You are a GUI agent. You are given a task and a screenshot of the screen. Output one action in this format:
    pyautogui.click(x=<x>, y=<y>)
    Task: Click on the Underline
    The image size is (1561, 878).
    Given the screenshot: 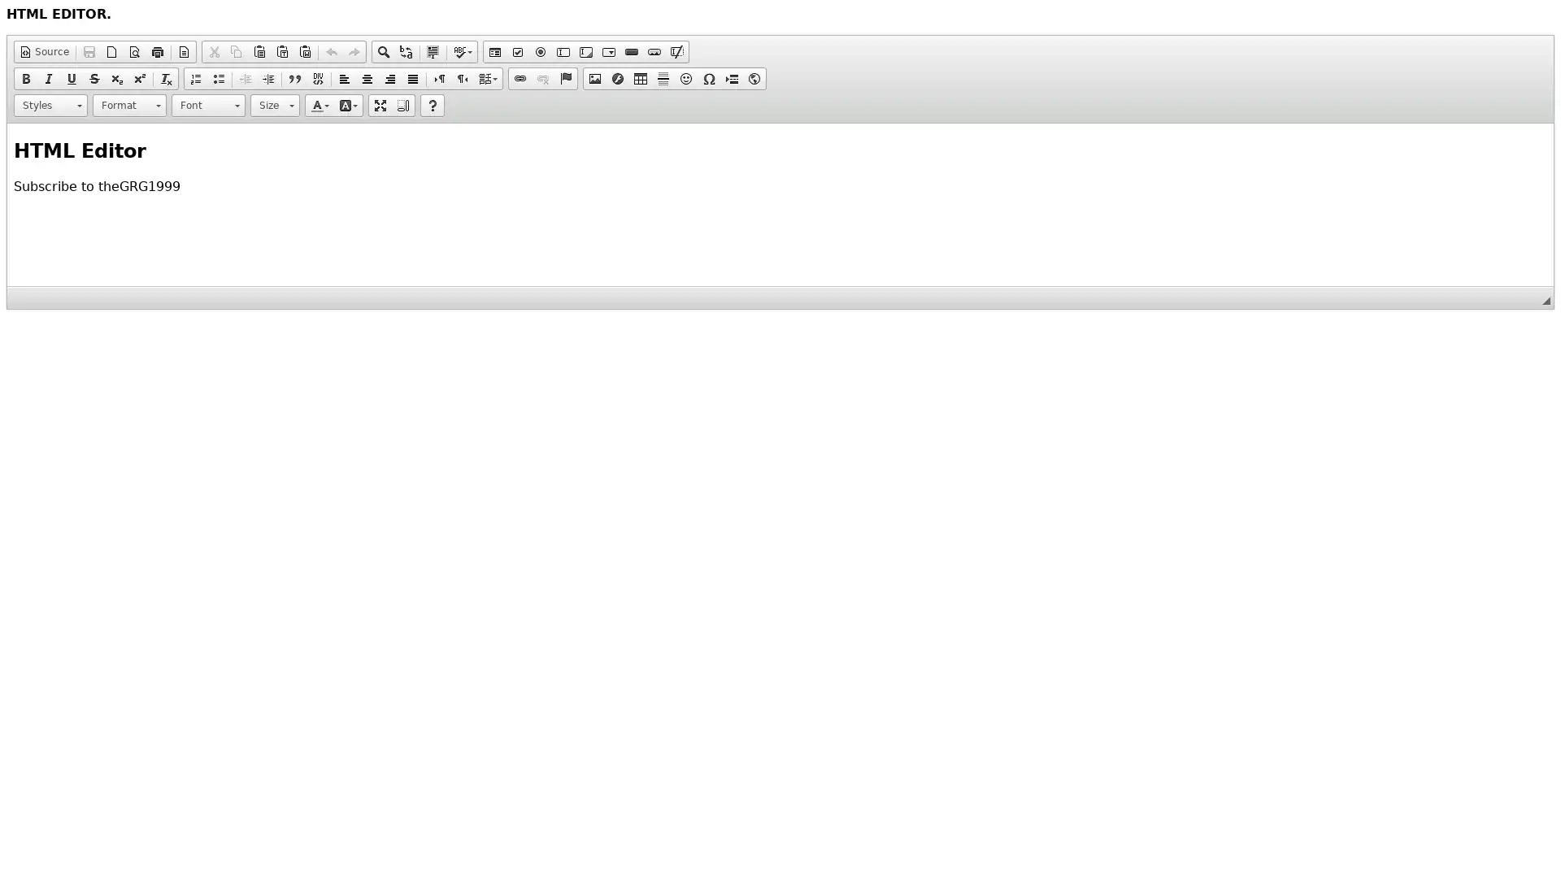 What is the action you would take?
    pyautogui.click(x=70, y=78)
    